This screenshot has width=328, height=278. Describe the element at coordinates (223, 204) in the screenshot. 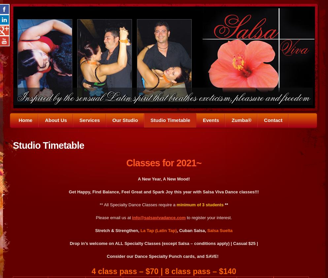

I see `'**'` at that location.